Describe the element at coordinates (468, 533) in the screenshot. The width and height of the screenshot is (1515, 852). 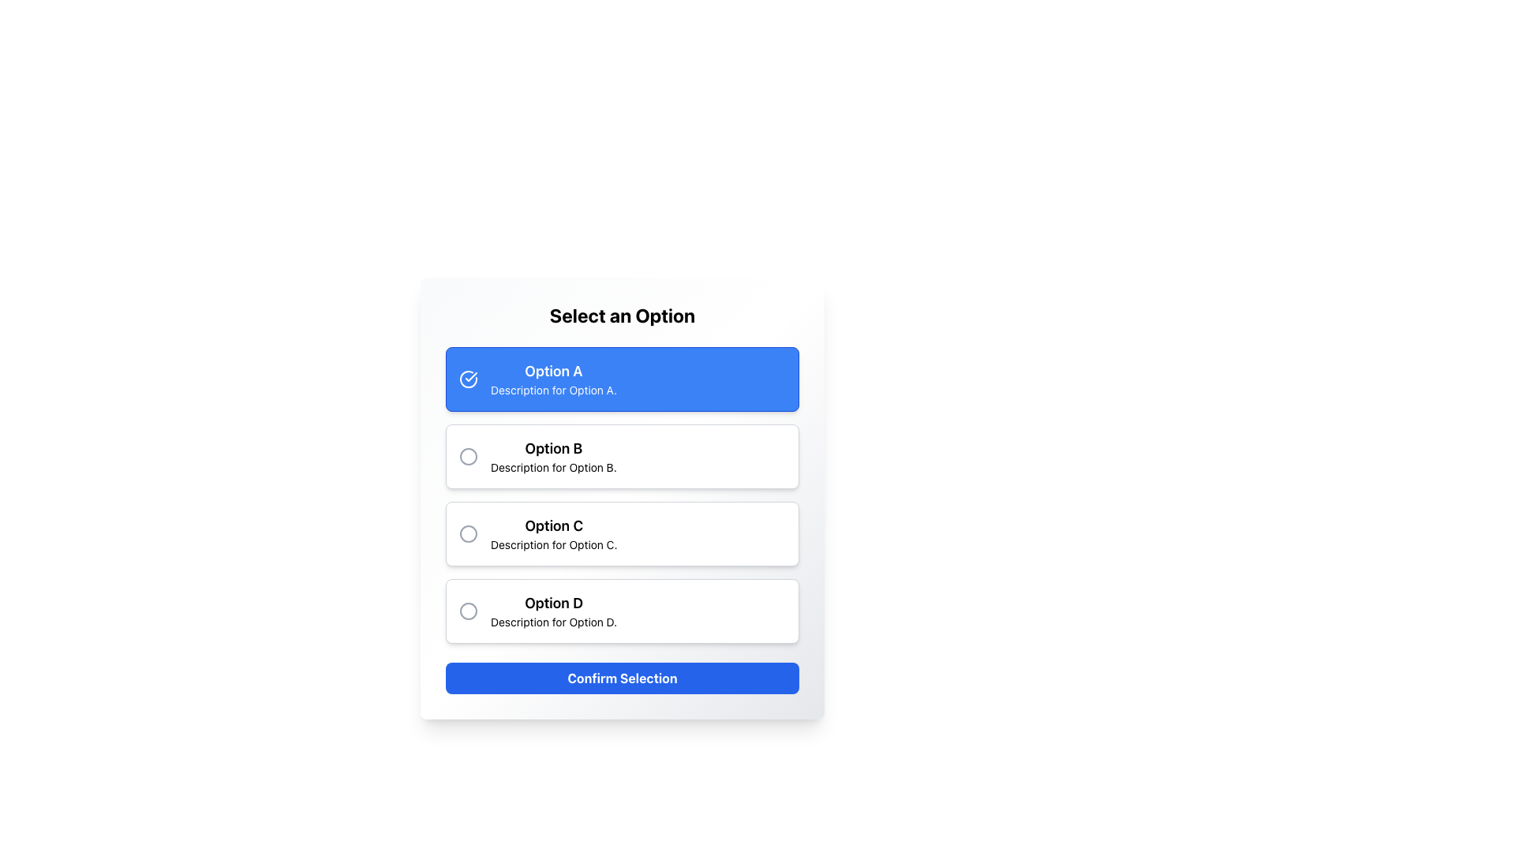
I see `the unselected circle graphical element of the checkbox for 'Option C' to trigger any hover effects` at that location.